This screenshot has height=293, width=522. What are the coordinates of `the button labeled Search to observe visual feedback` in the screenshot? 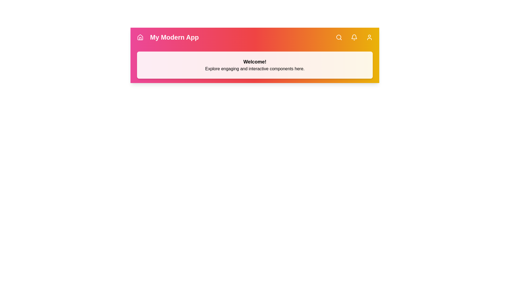 It's located at (339, 37).